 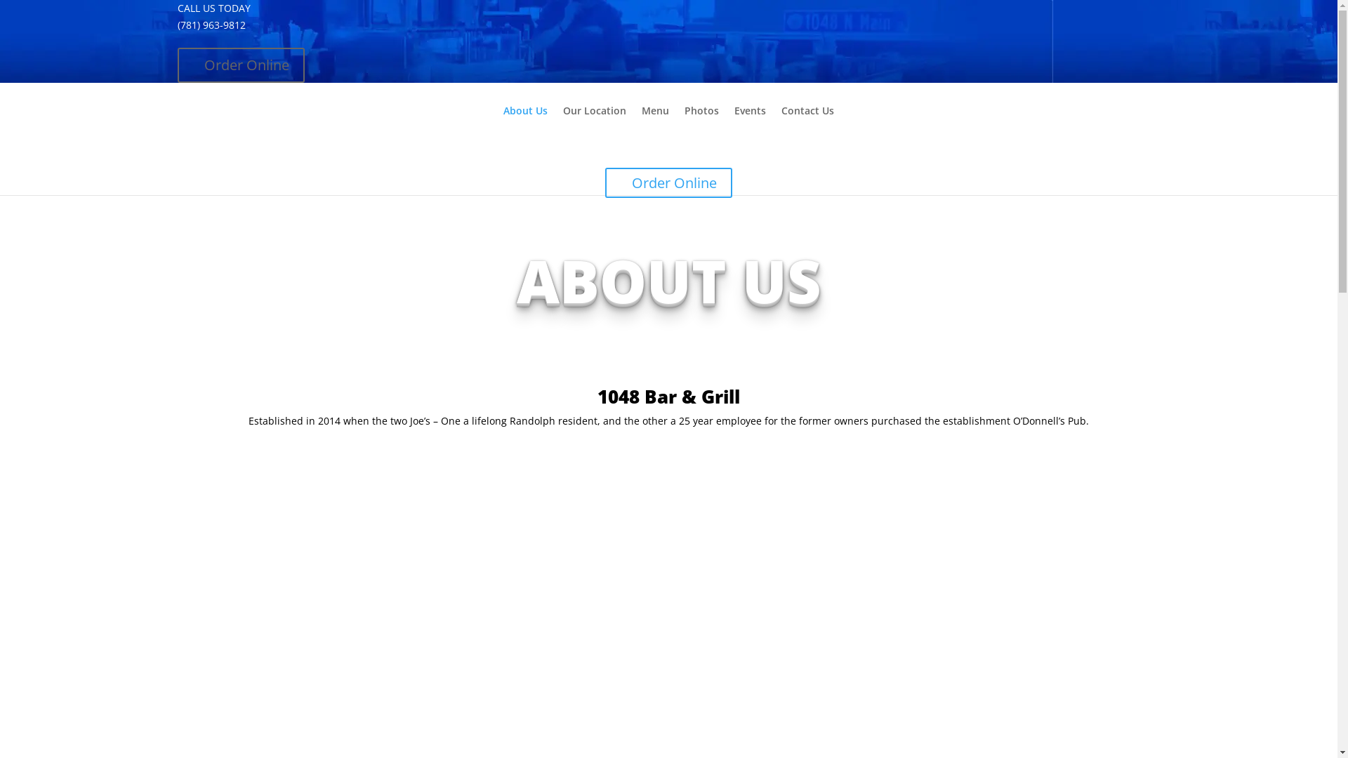 I want to click on 'About Us', so click(x=524, y=121).